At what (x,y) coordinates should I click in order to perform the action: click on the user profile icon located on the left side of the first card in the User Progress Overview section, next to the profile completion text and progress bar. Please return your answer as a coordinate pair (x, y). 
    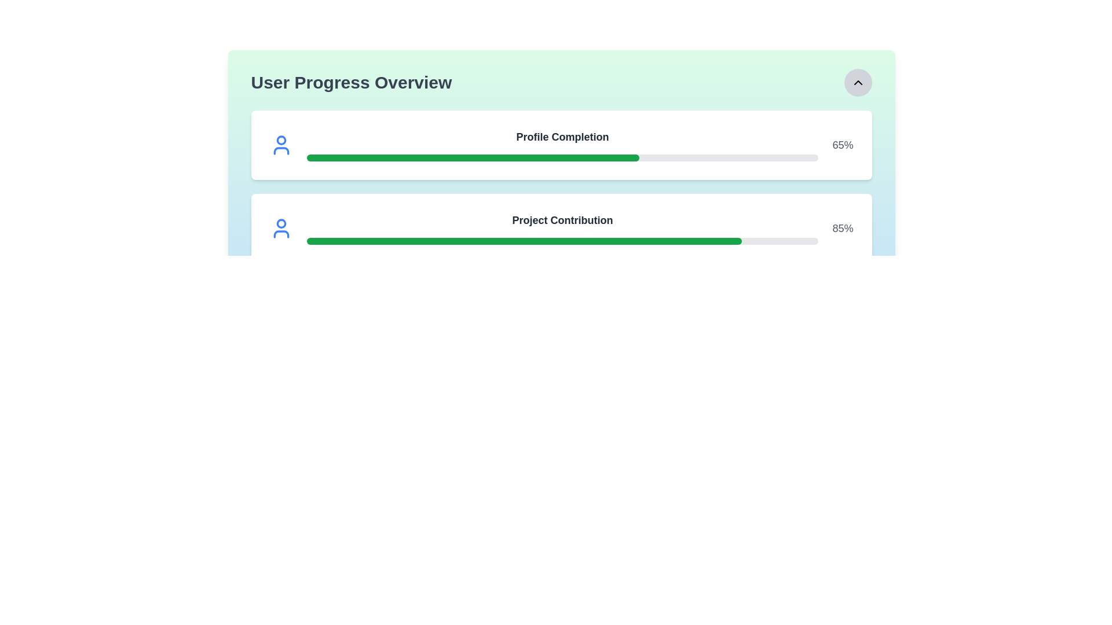
    Looking at the image, I should click on (281, 144).